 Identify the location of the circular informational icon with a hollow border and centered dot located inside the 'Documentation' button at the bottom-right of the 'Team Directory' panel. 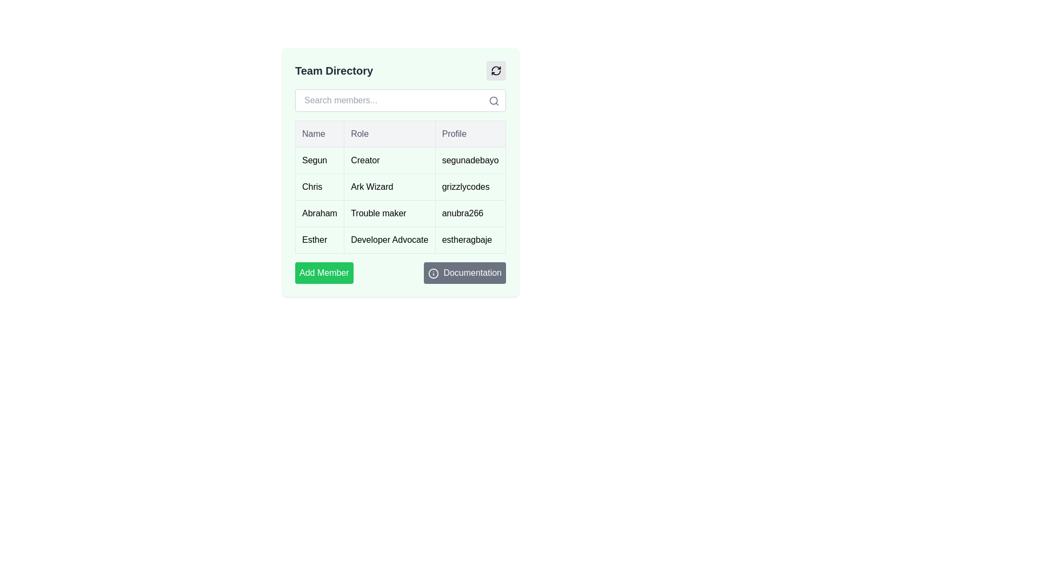
(434, 273).